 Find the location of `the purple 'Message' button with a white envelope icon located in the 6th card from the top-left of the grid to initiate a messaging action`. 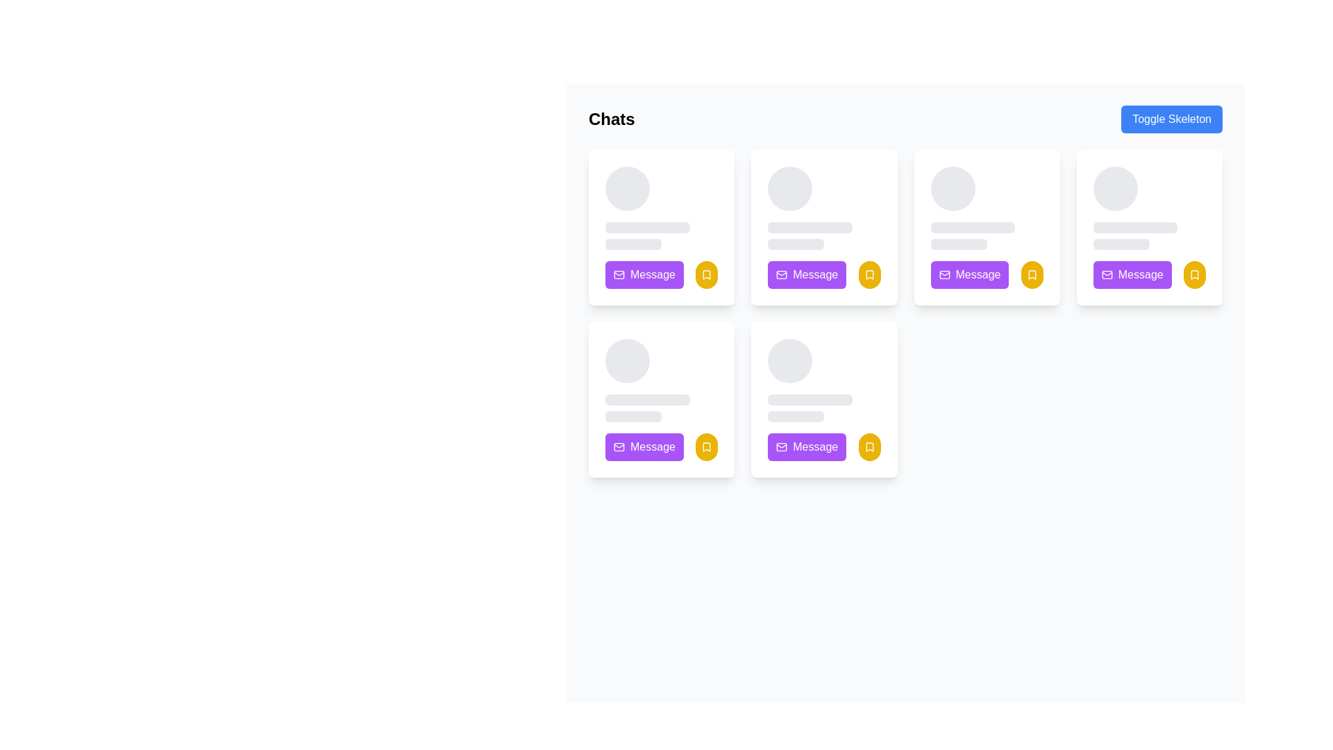

the purple 'Message' button with a white envelope icon located in the 6th card from the top-left of the grid to initiate a messaging action is located at coordinates (807, 447).